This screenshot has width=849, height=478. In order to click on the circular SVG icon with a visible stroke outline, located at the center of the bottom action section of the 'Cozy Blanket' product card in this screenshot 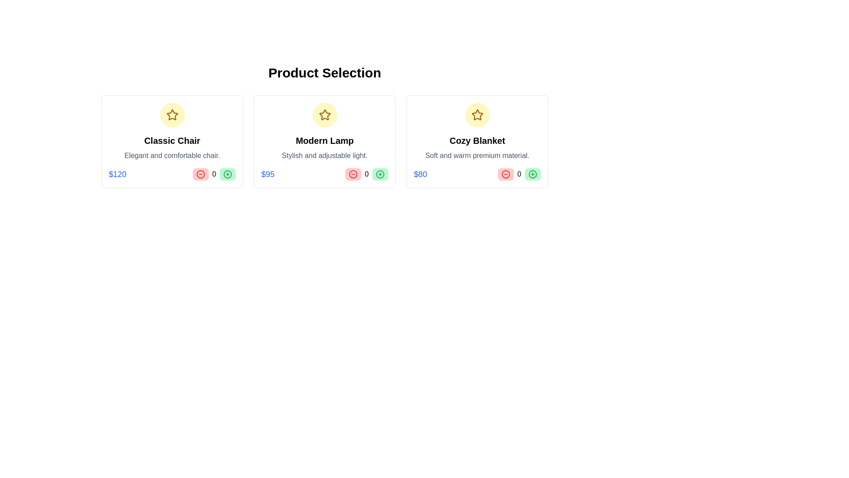, I will do `click(506, 174)`.